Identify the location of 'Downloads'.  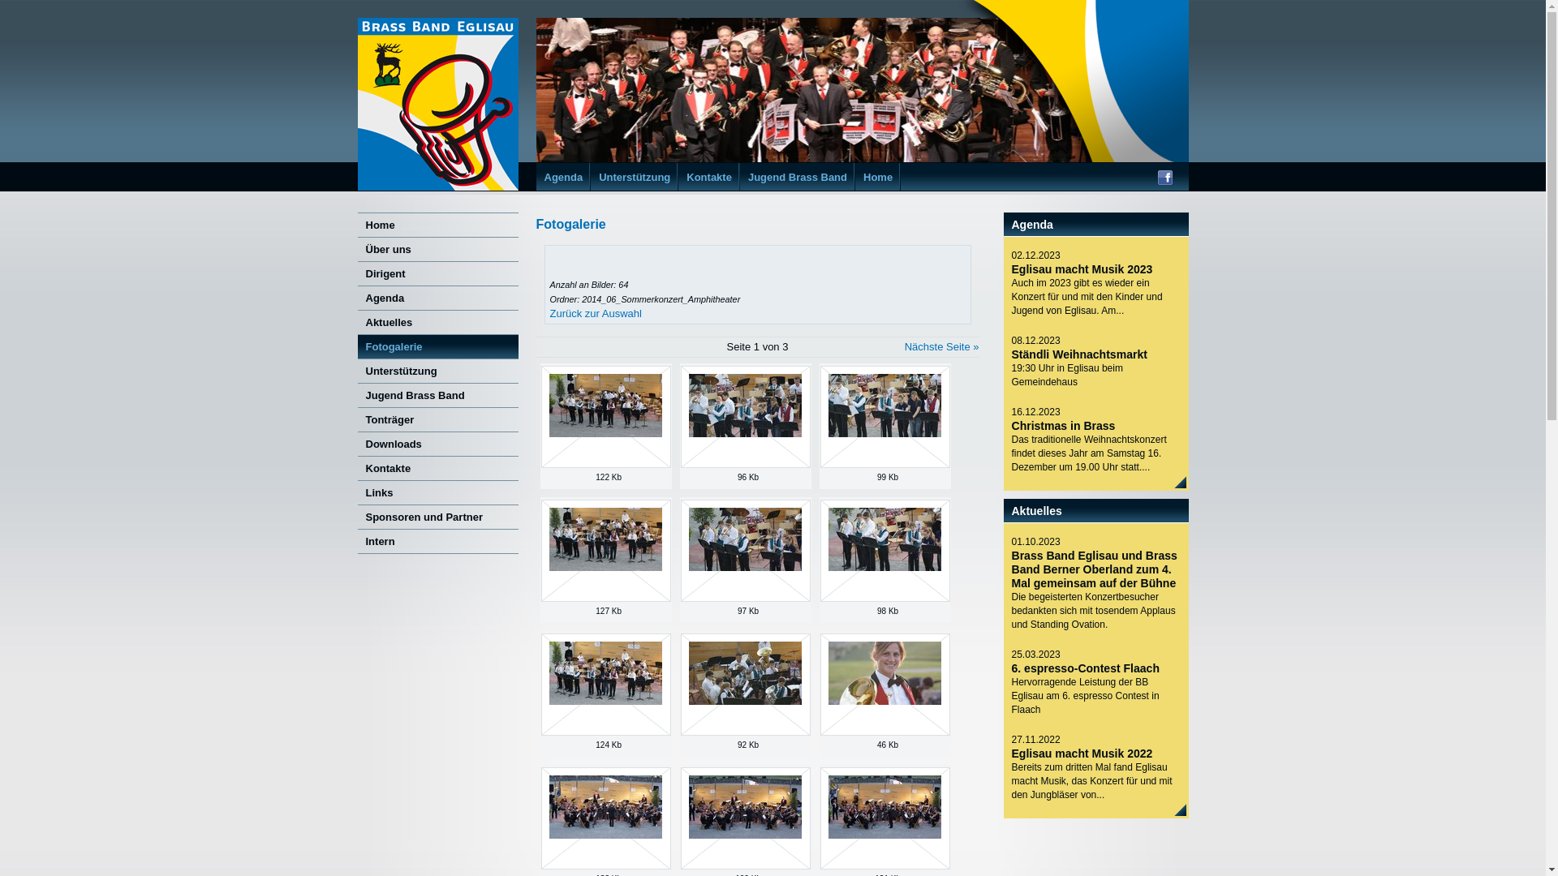
(437, 444).